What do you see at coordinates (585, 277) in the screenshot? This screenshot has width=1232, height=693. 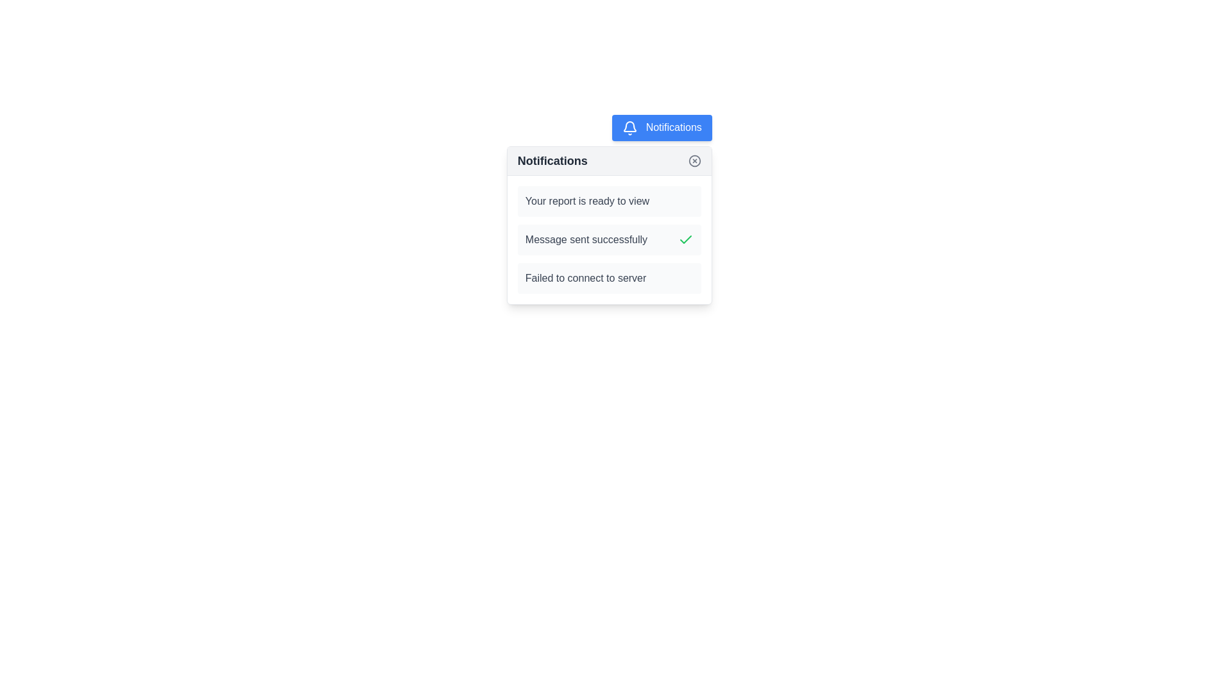 I see `the third static text notification indicating a server connection failure in the notification panel` at bounding box center [585, 277].